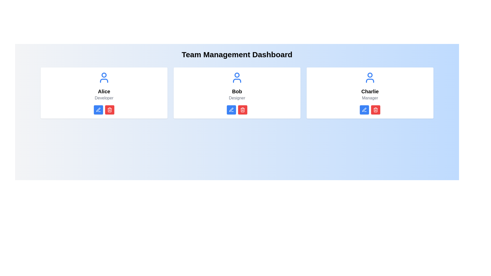 This screenshot has height=276, width=491. I want to click on the blue or red button in the group of interactive buttons located below the text description area of 'Alice, Developer' card, so click(104, 109).